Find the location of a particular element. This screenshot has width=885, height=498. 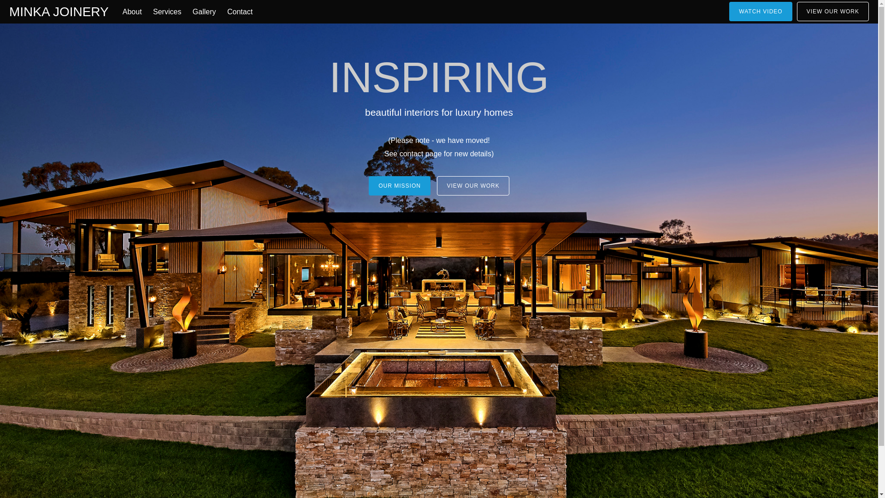

'About' is located at coordinates (132, 12).